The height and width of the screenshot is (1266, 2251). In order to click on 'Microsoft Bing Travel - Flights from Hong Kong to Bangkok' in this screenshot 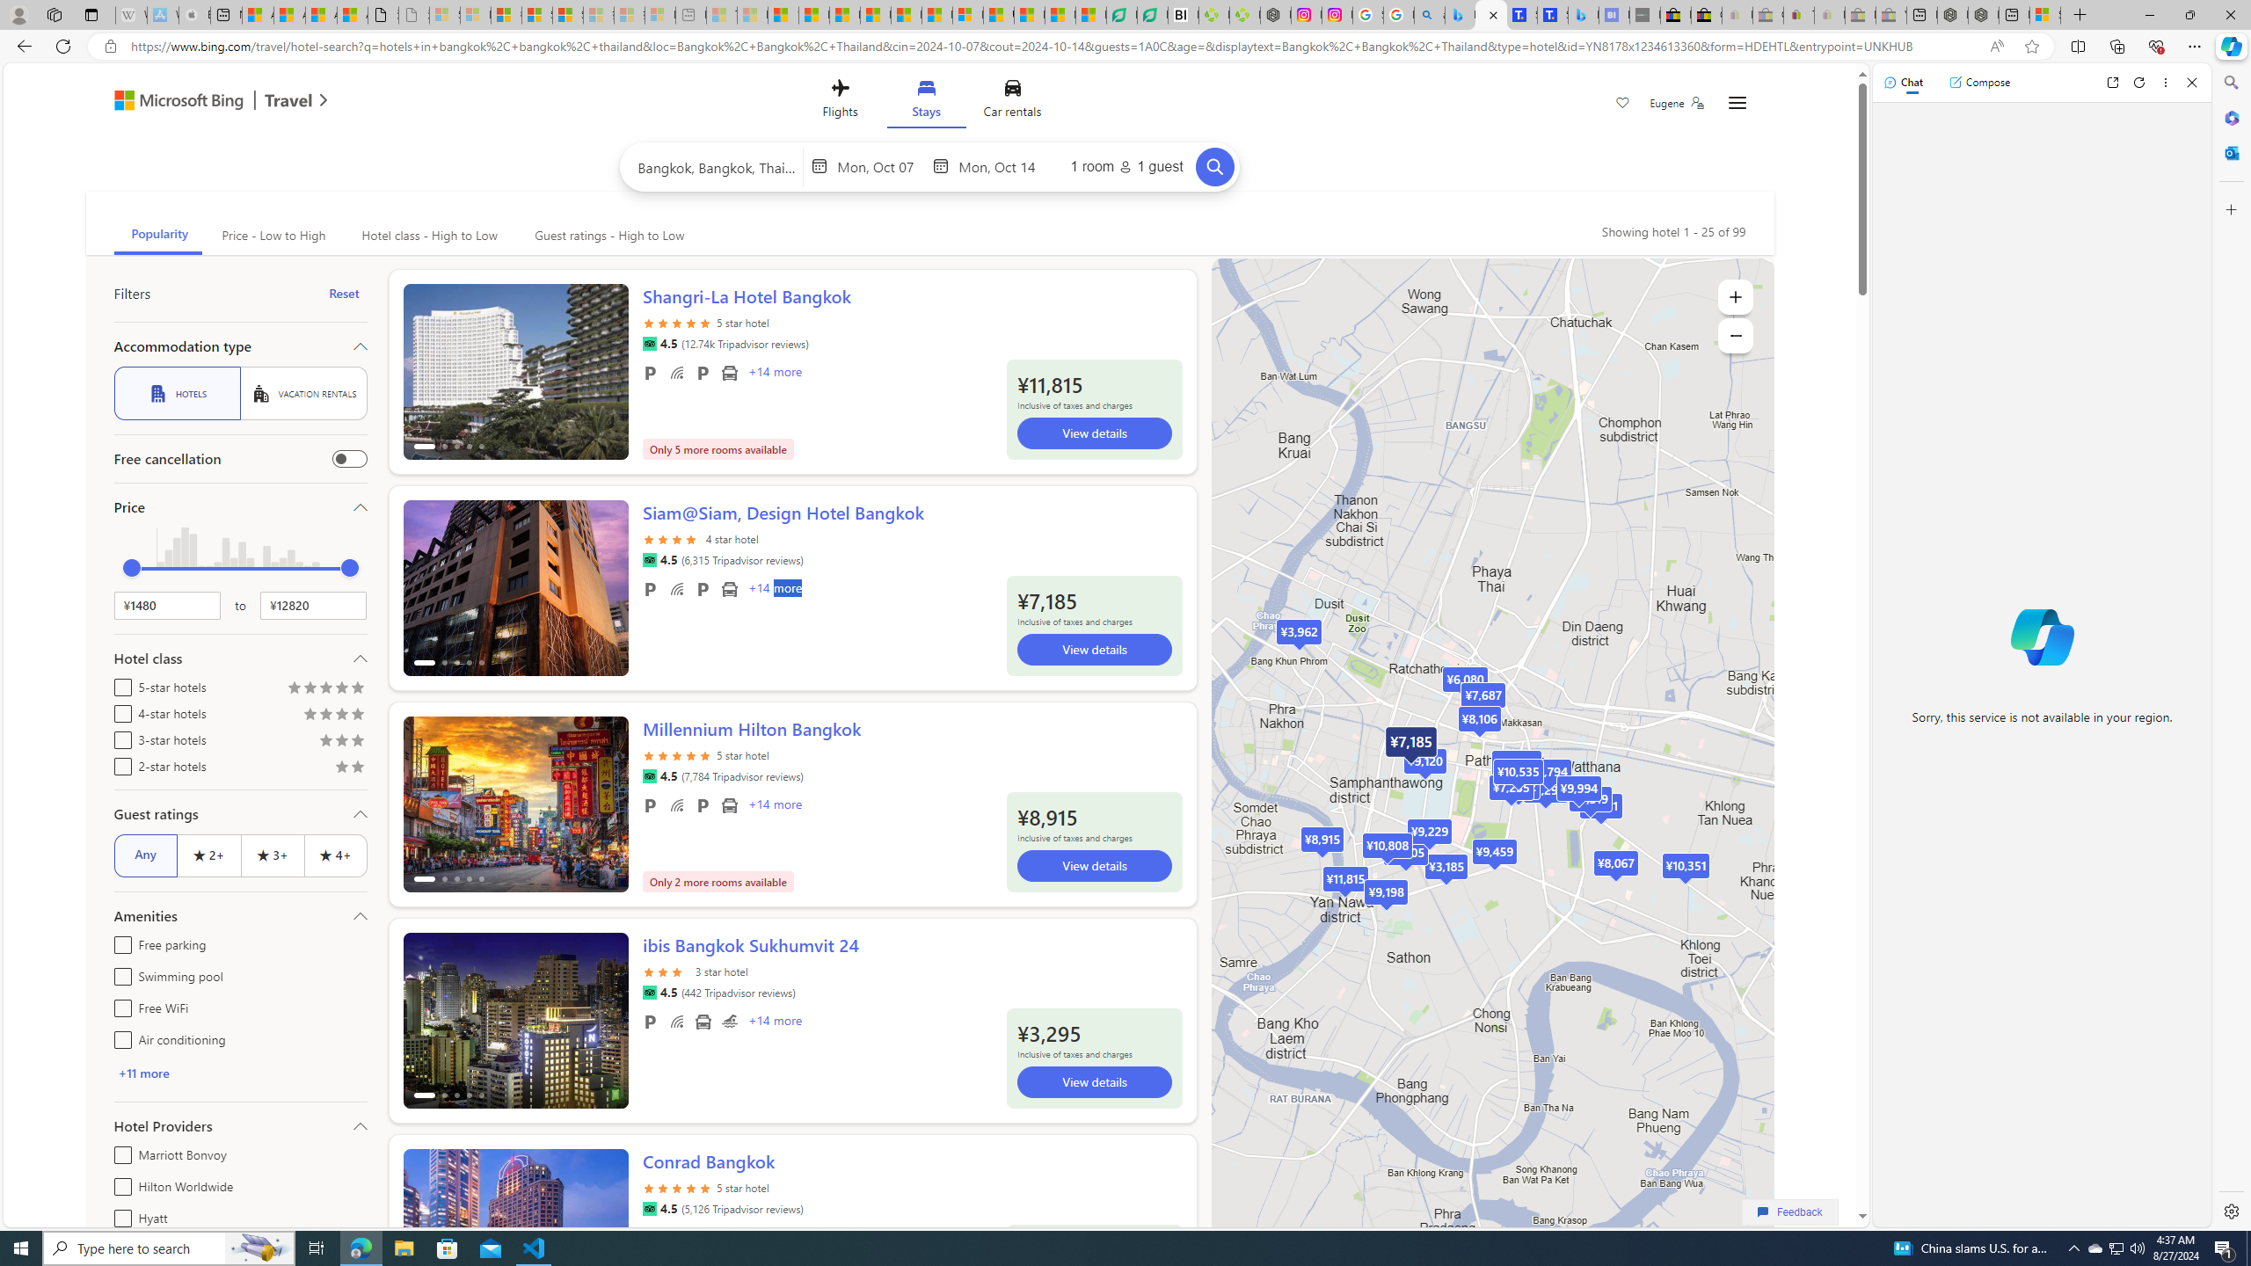, I will do `click(1460, 14)`.